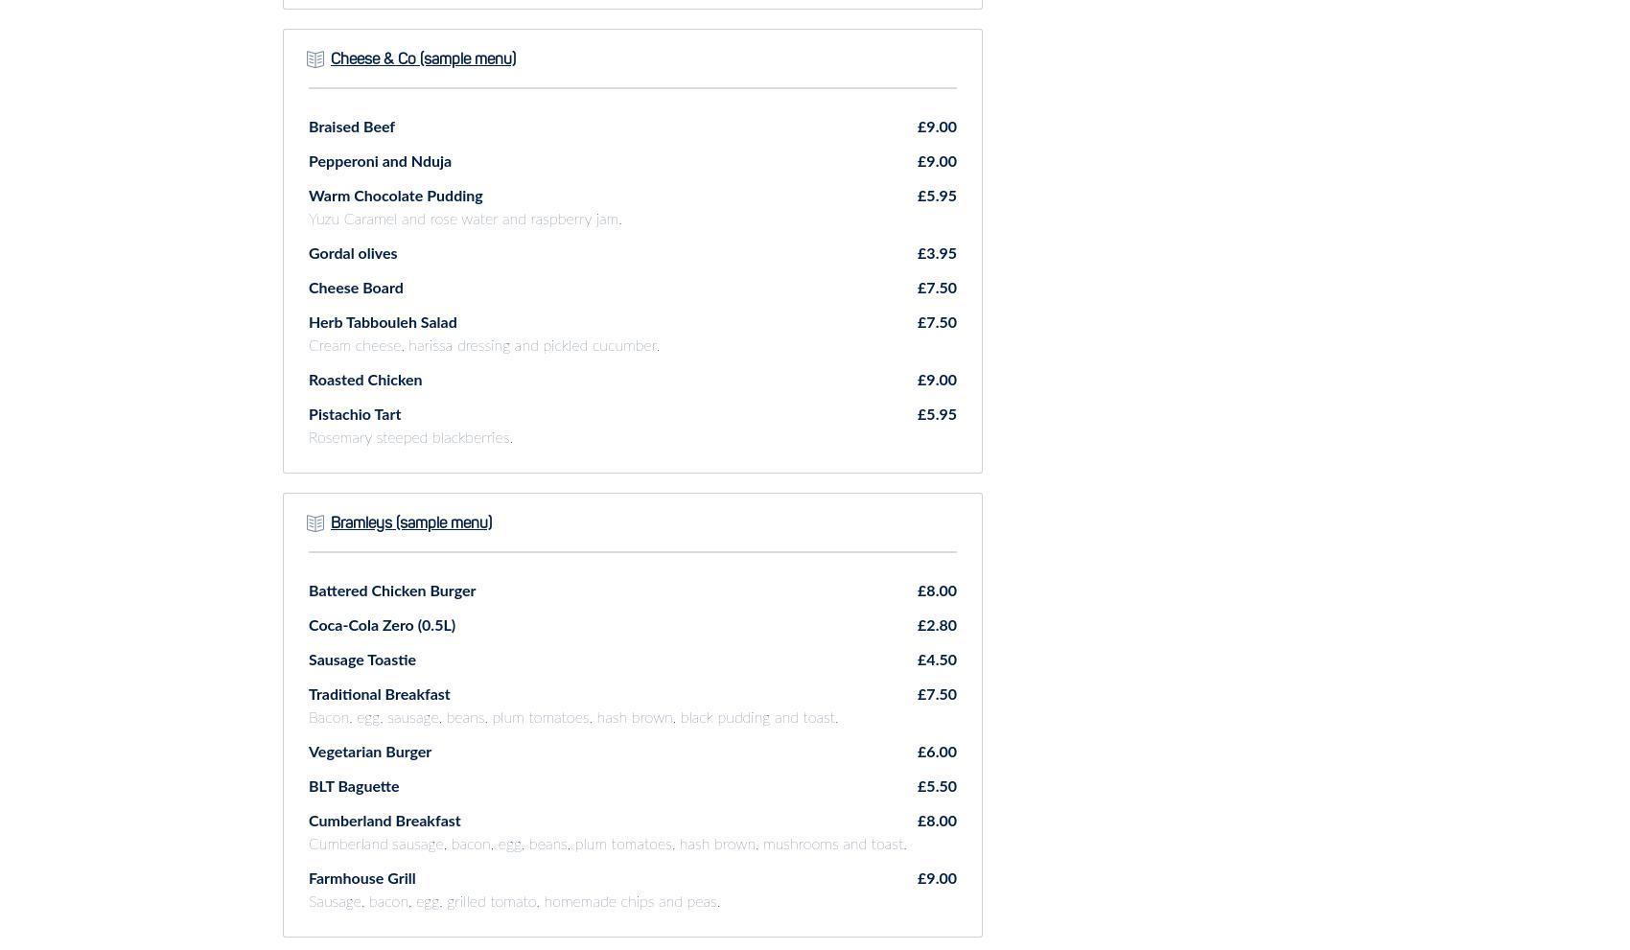 Image resolution: width=1630 pixels, height=950 pixels. Describe the element at coordinates (351, 126) in the screenshot. I see `'Braised Beef'` at that location.